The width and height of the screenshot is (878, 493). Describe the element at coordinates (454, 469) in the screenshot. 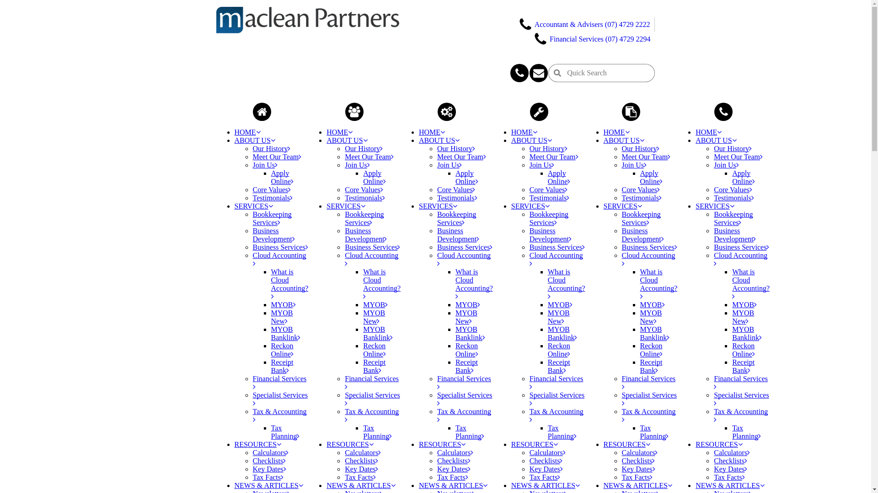

I see `'Key Dates'` at that location.